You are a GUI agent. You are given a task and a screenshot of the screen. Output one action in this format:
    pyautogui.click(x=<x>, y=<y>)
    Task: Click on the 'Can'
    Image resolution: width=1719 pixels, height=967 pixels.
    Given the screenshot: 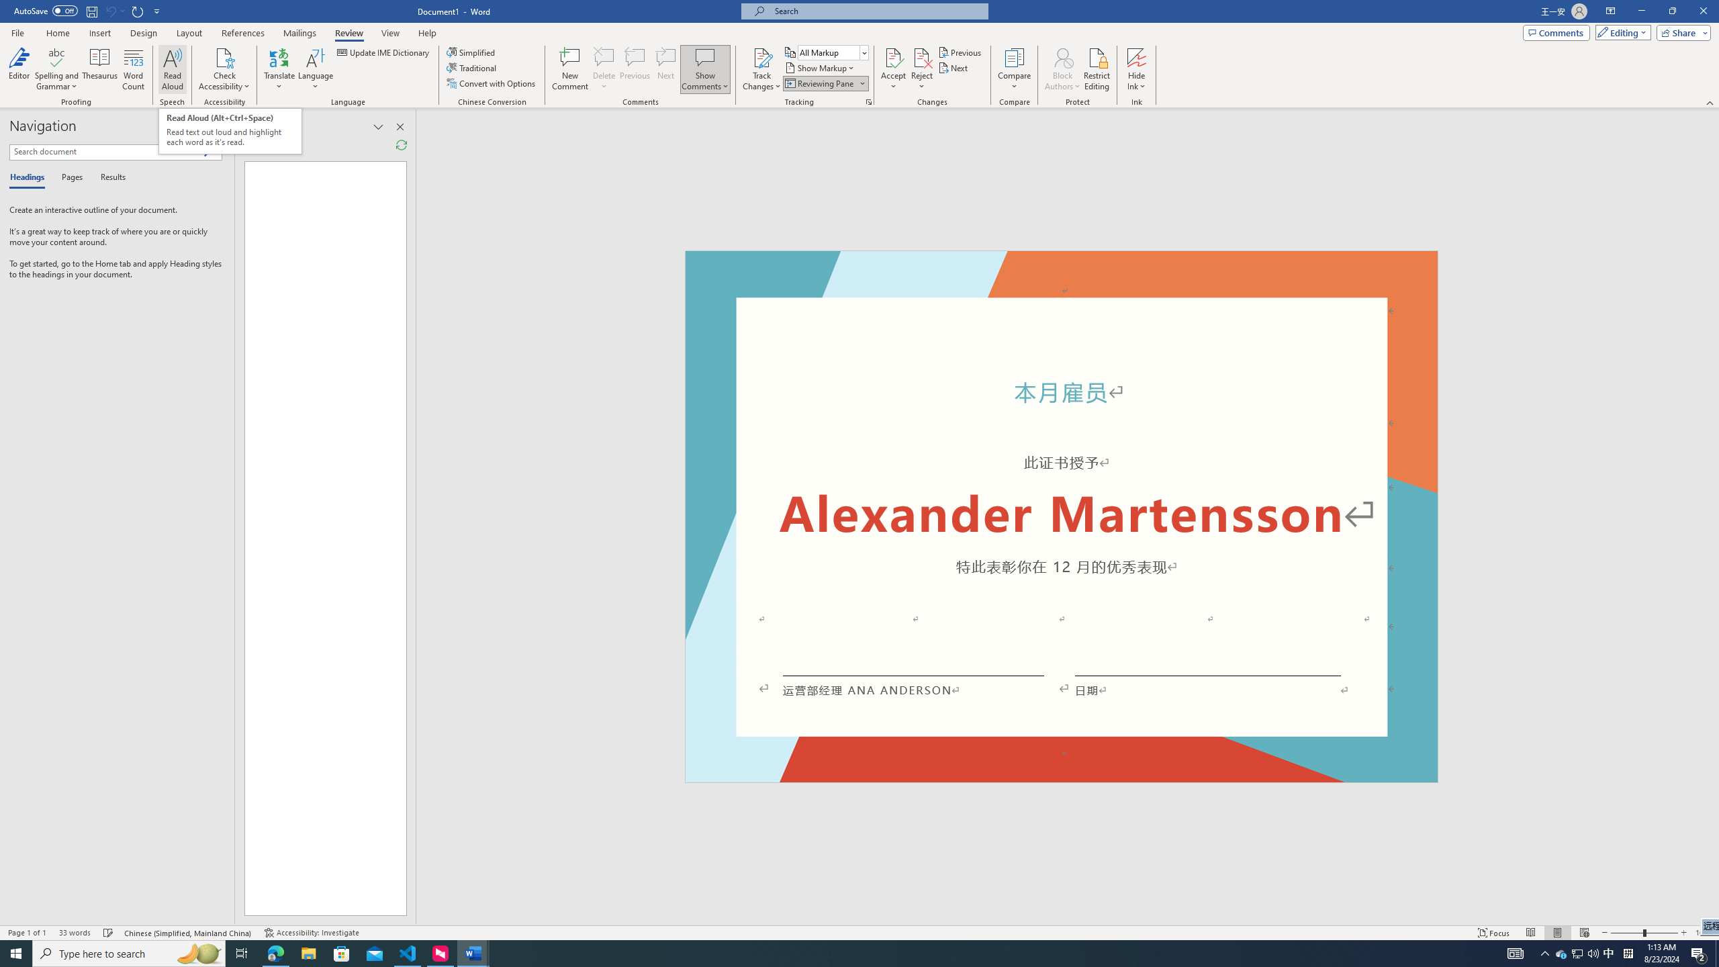 What is the action you would take?
    pyautogui.click(x=109, y=10)
    